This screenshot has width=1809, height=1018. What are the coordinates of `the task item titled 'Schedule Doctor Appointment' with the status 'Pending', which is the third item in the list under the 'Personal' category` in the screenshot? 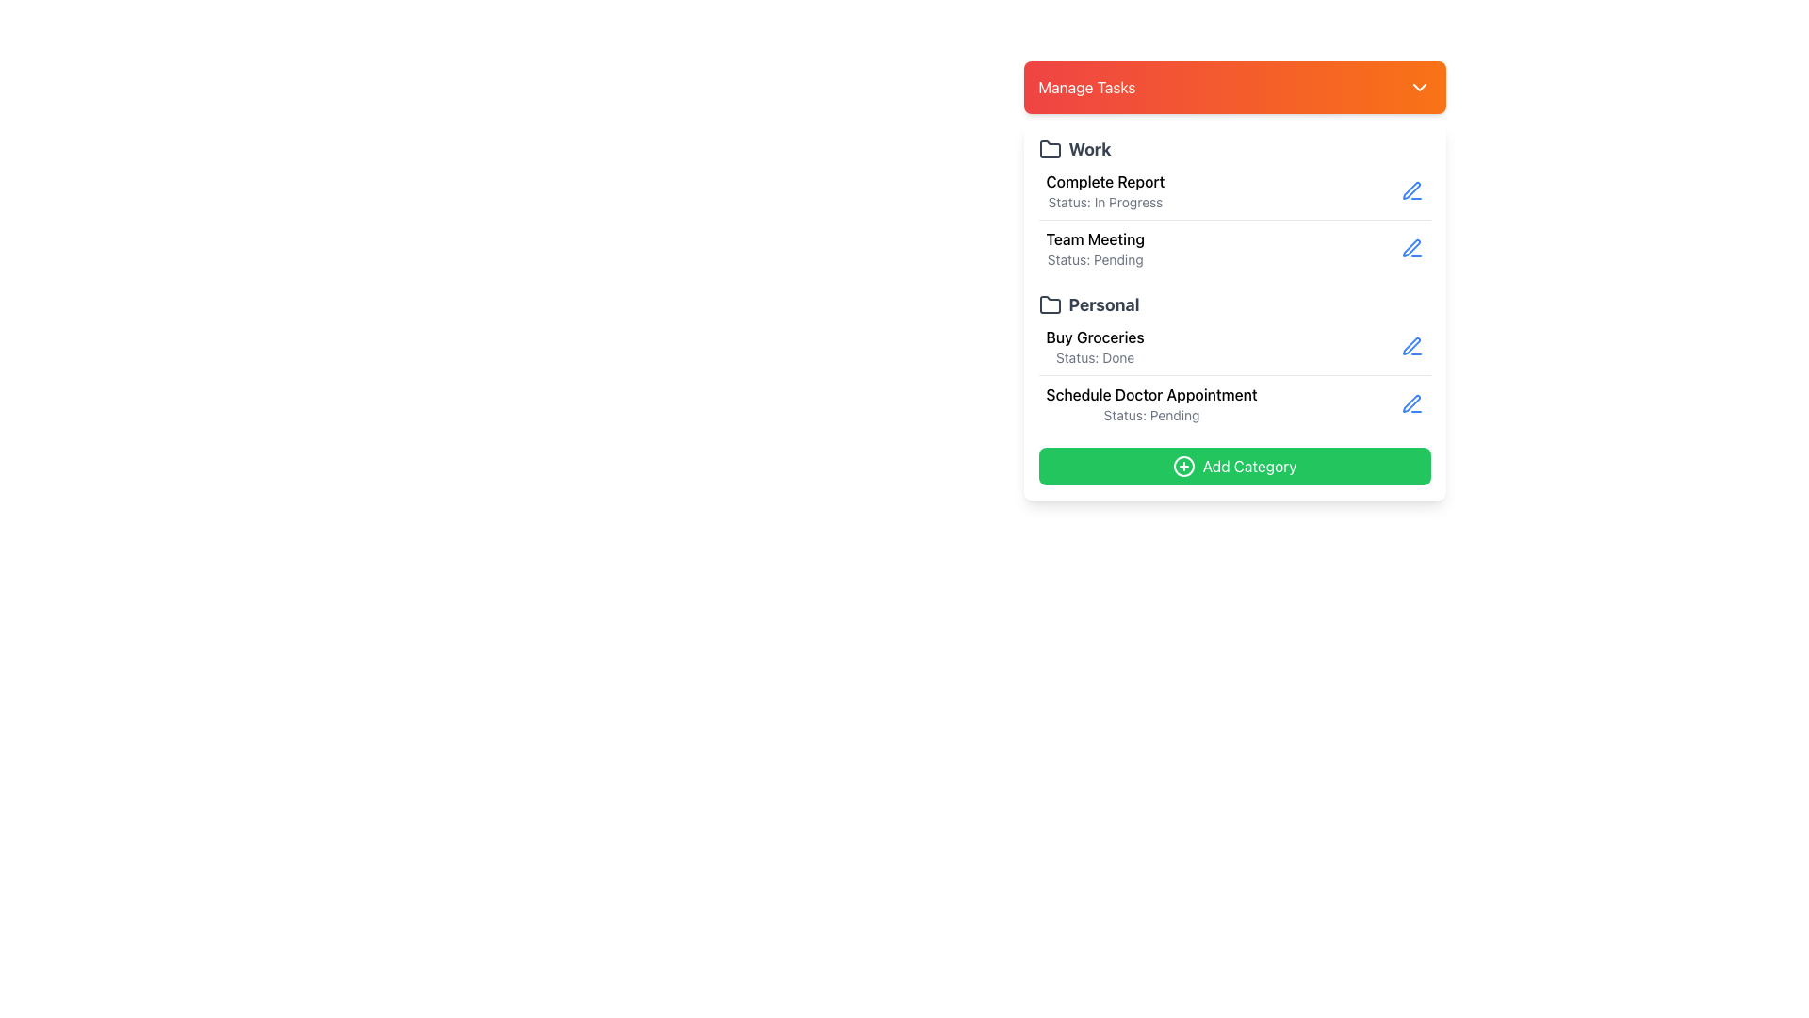 It's located at (1150, 402).